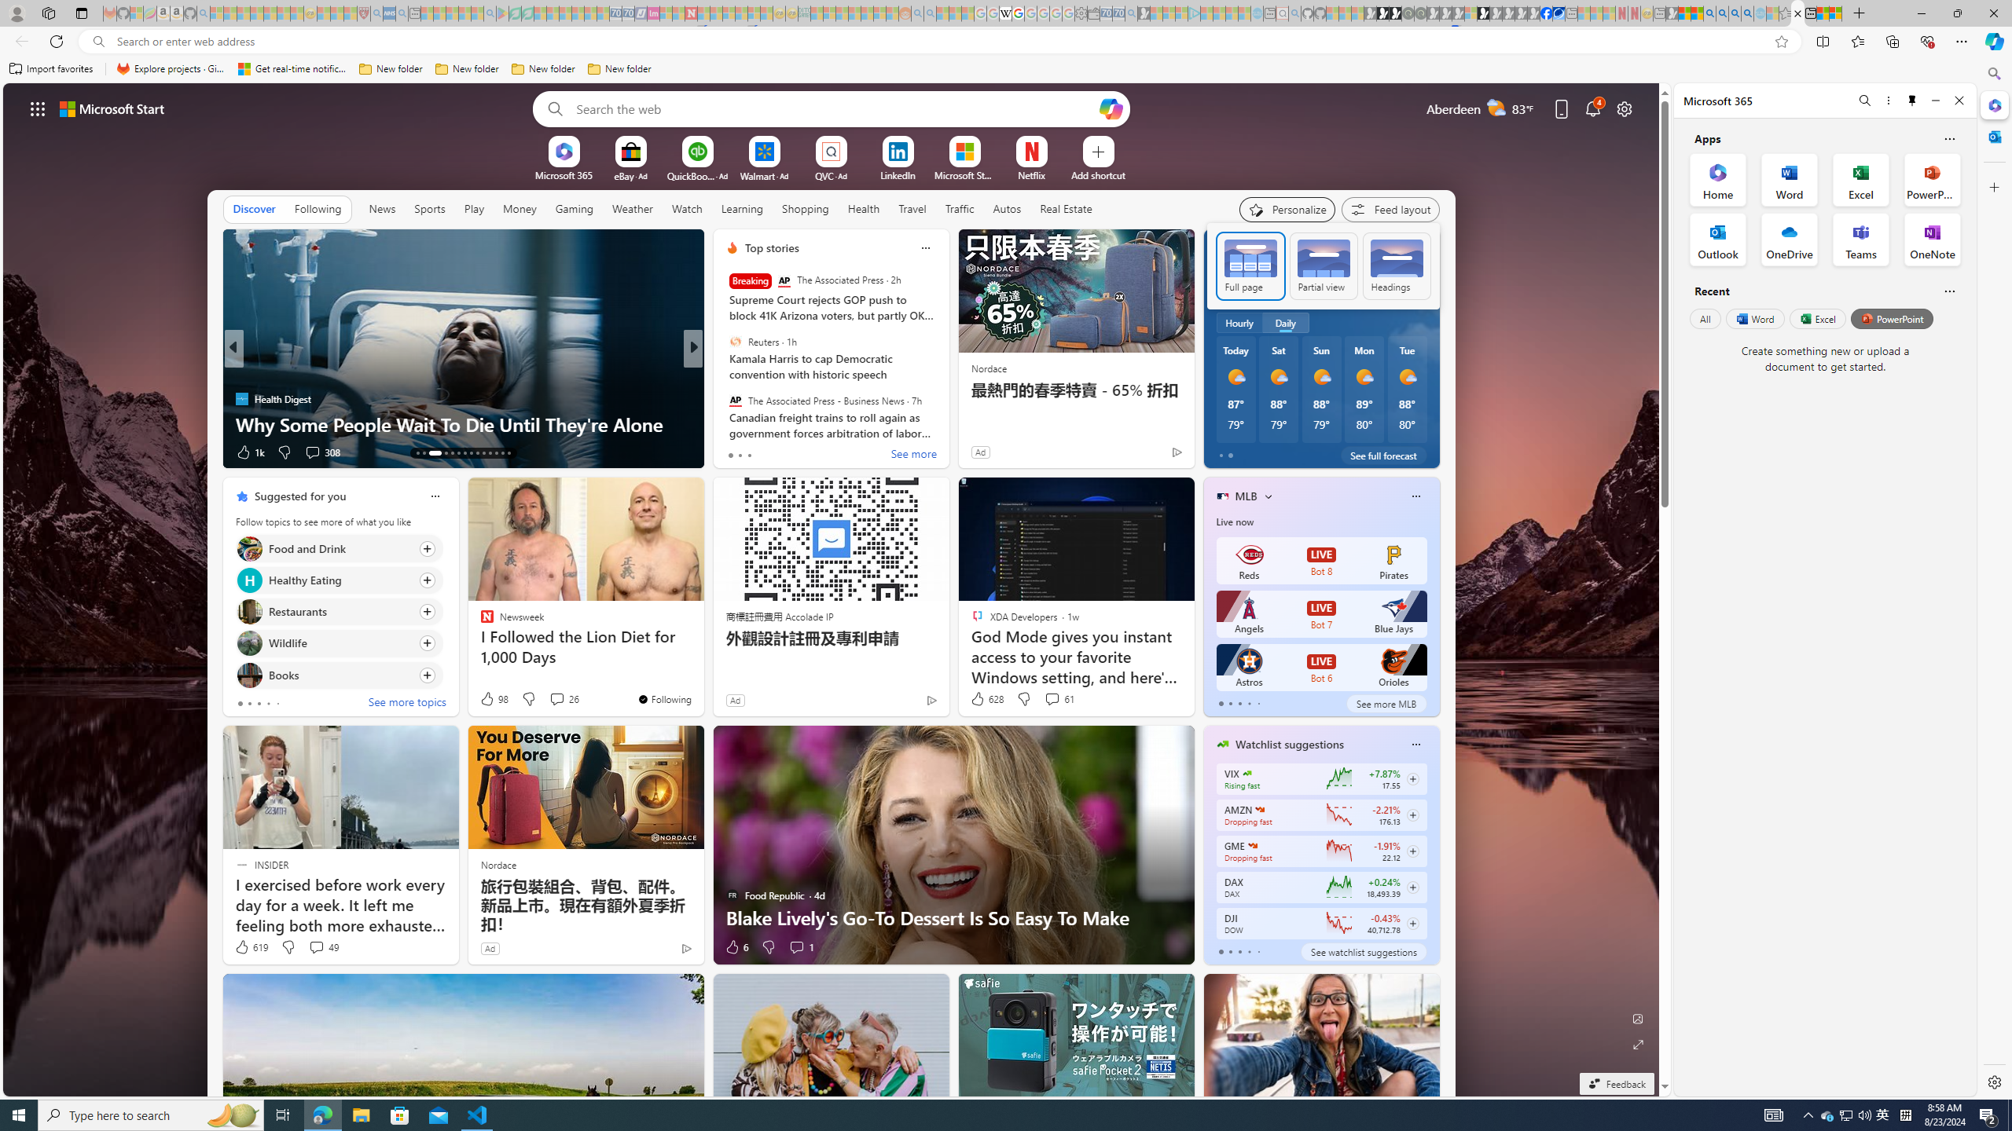 The image size is (2012, 1131). I want to click on 'Word', so click(1753, 318).